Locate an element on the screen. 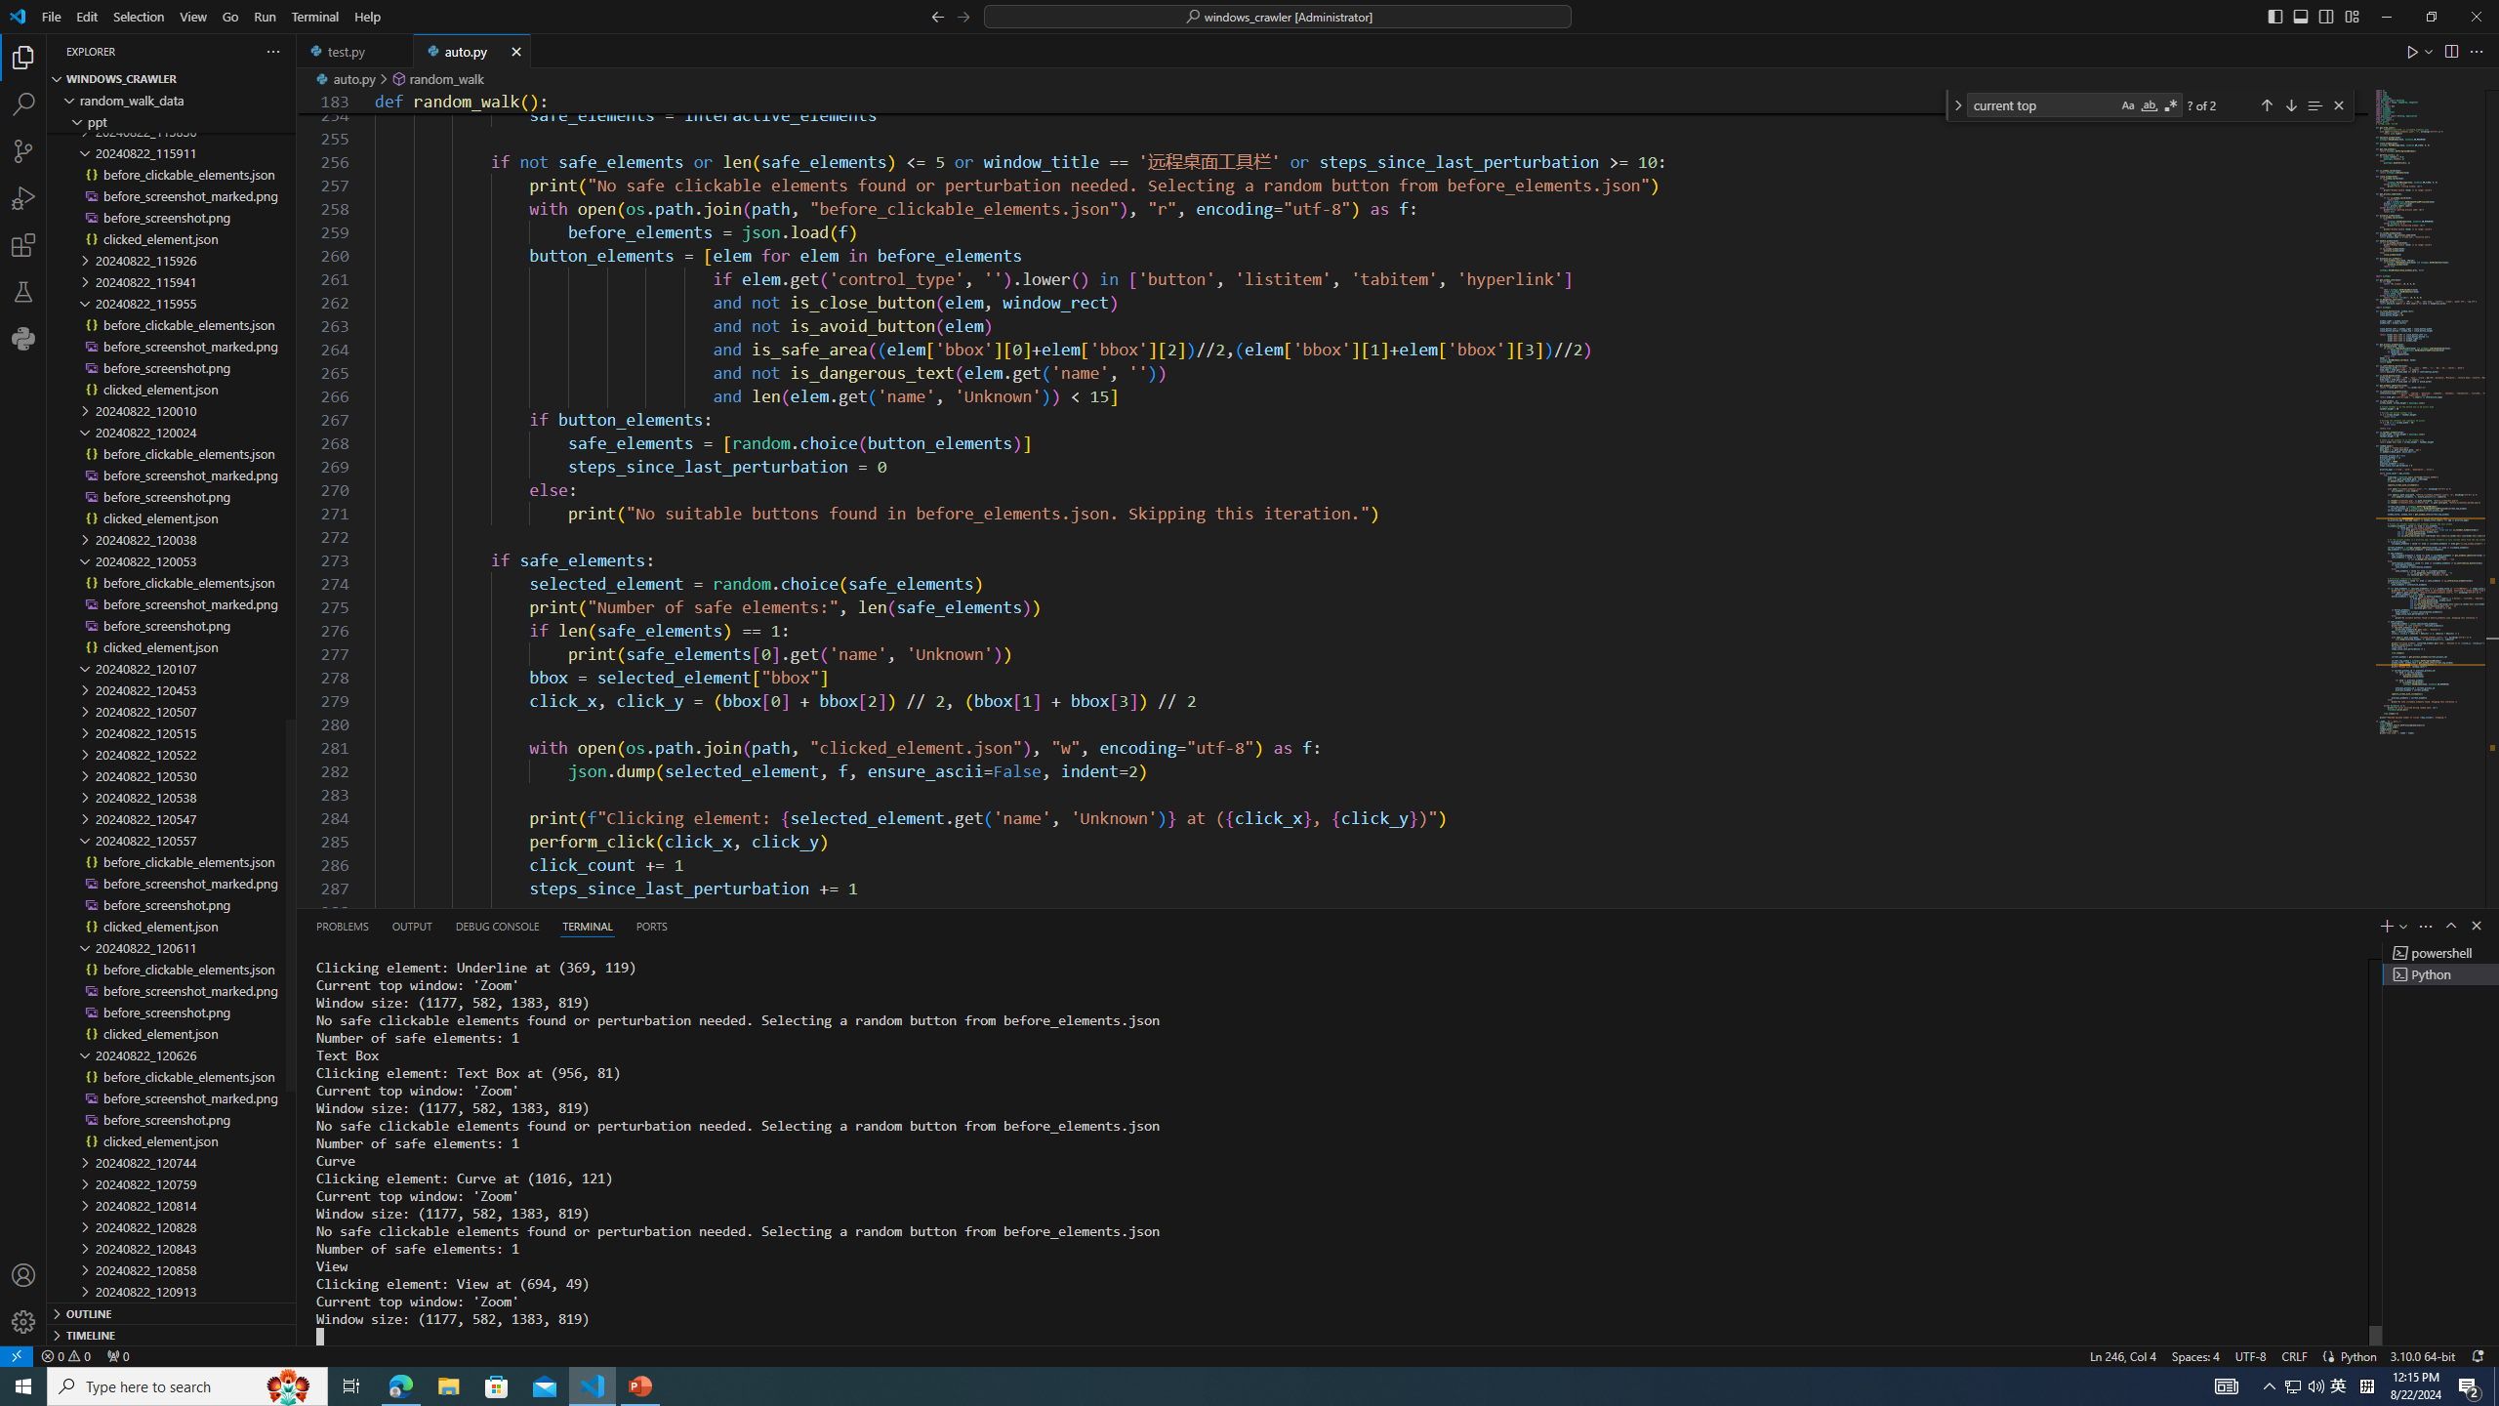  'Source Control (Ctrl+Shift+G)' is located at coordinates (23, 149).